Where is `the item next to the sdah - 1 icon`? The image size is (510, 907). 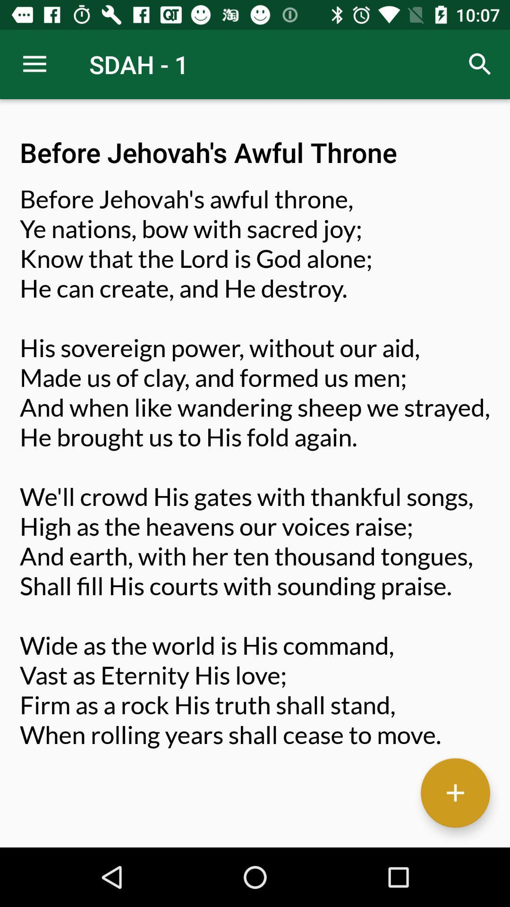 the item next to the sdah - 1 icon is located at coordinates (34, 64).